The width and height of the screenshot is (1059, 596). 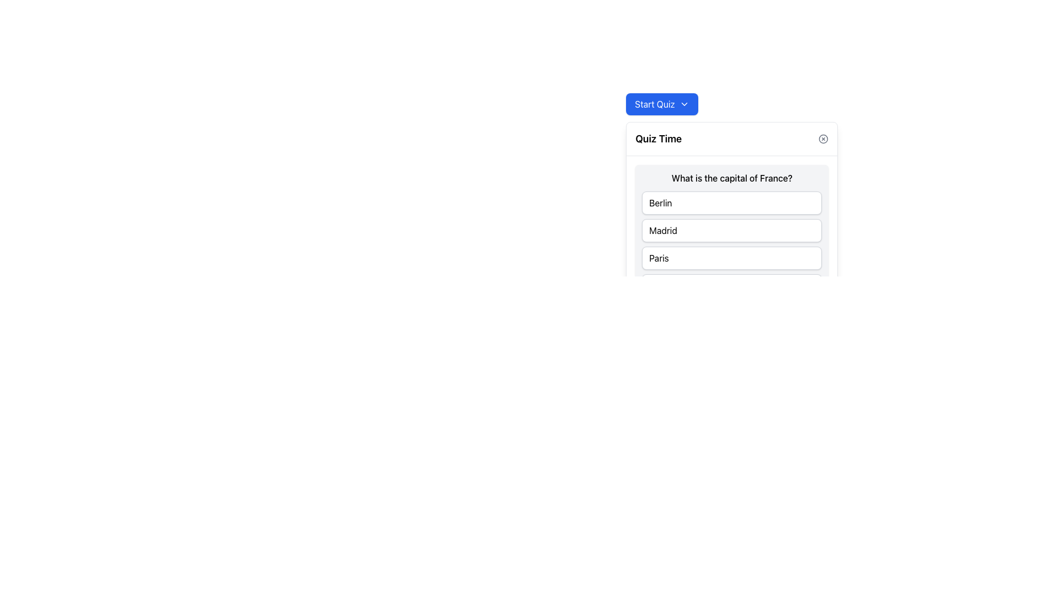 I want to click on the icon located to the right of the 'Start Quiz' button, which indicates expandable menu functionality, so click(x=683, y=104).